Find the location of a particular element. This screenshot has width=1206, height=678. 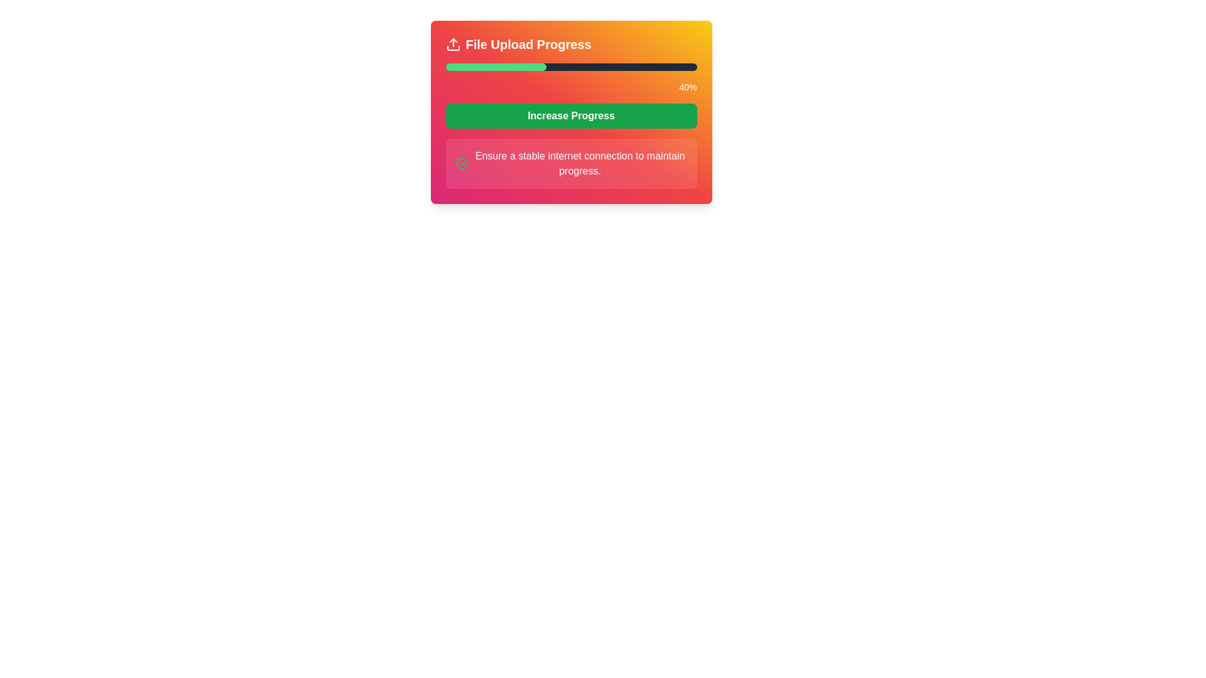

the green circle with a checkmark icon, which indicates a successful state, located to the left of the text 'Ensure a stable internet connection to maintain progress.' is located at coordinates (461, 163).